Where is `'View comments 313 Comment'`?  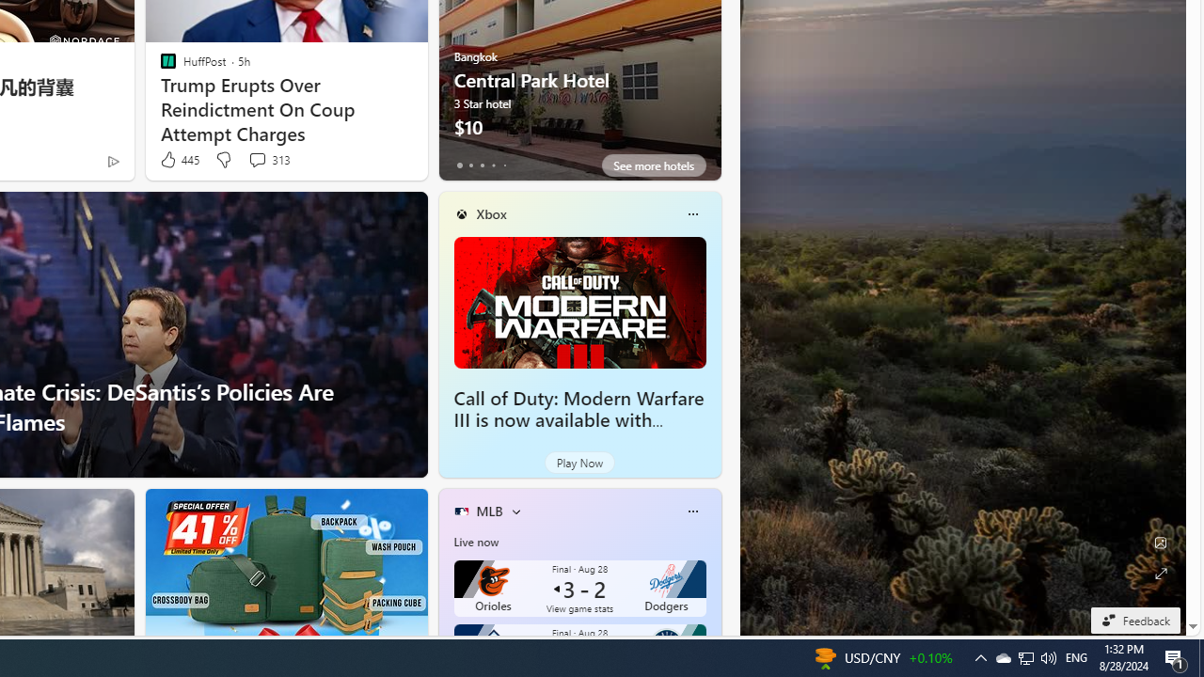 'View comments 313 Comment' is located at coordinates (268, 159).